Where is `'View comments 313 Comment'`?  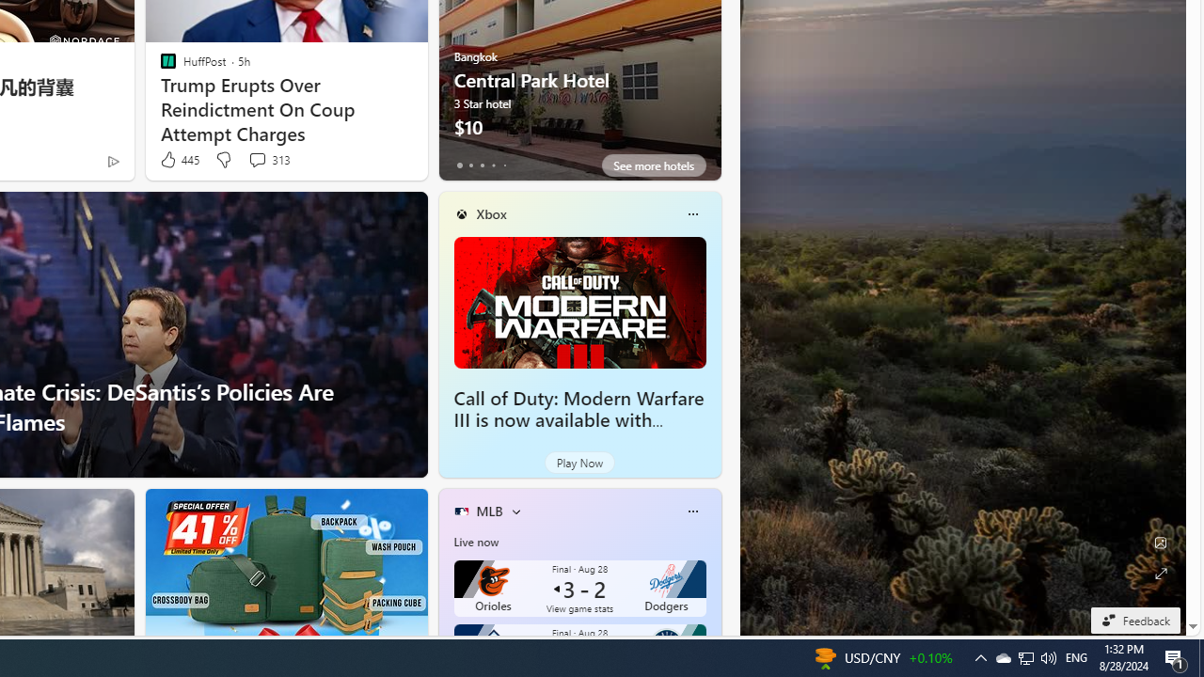 'View comments 313 Comment' is located at coordinates (268, 159).